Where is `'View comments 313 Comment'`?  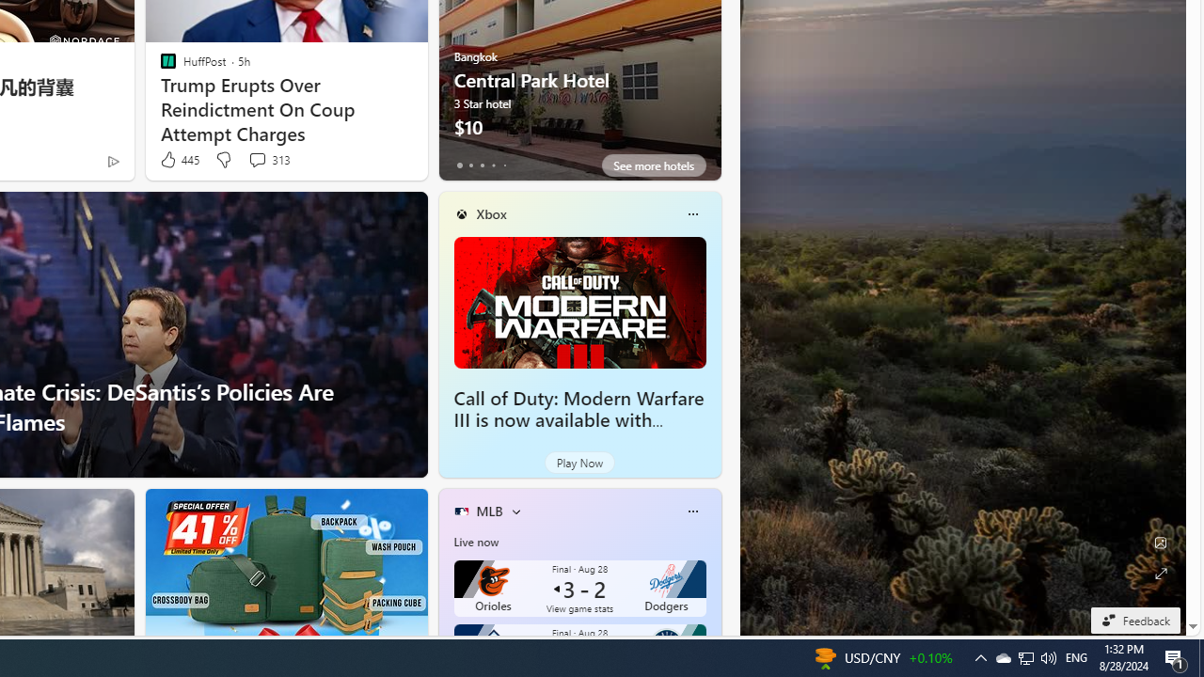 'View comments 313 Comment' is located at coordinates (268, 159).